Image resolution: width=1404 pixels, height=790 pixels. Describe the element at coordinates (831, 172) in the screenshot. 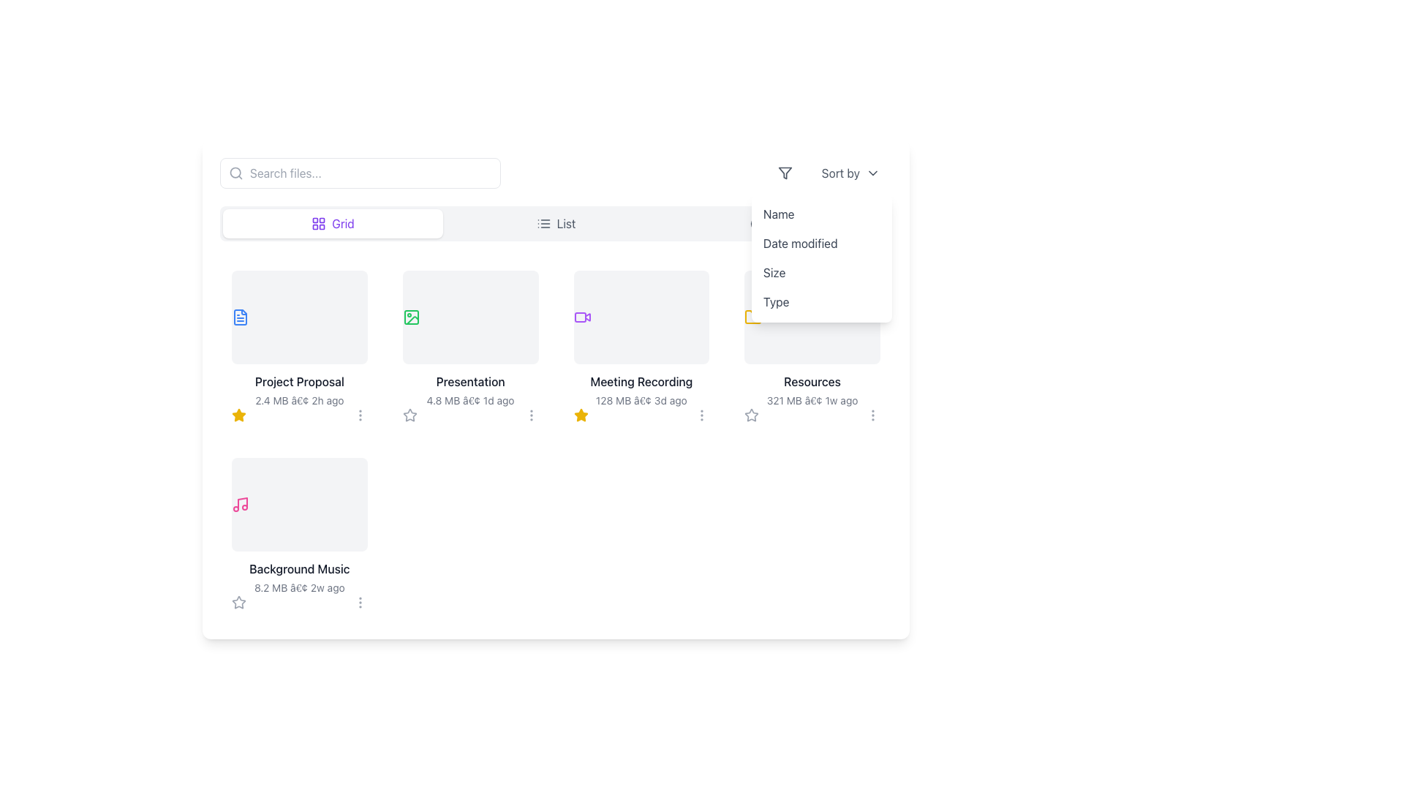

I see `the Dropdown menu trigger in the top-right corner of the layout` at that location.